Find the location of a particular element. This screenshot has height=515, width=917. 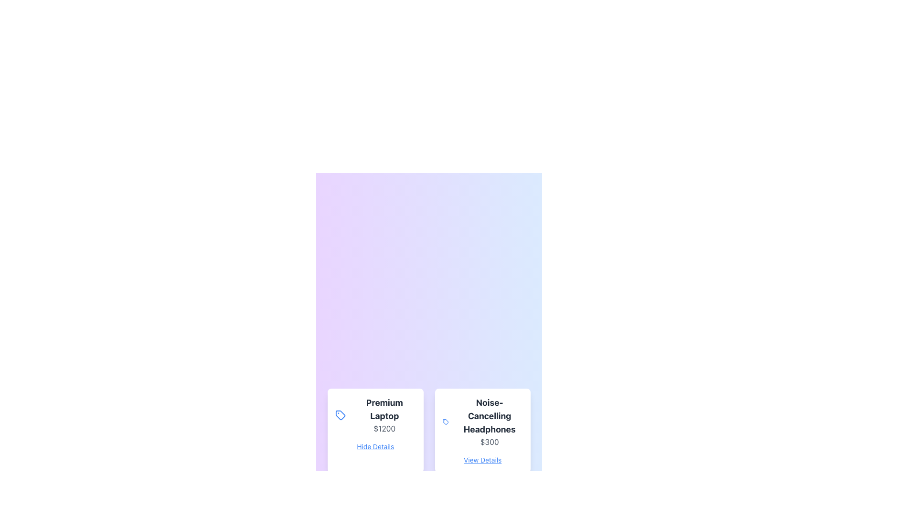

the decorative or informative icon located above the label 'Premium Laptop $1200' in the left column of the interface is located at coordinates (341, 414).